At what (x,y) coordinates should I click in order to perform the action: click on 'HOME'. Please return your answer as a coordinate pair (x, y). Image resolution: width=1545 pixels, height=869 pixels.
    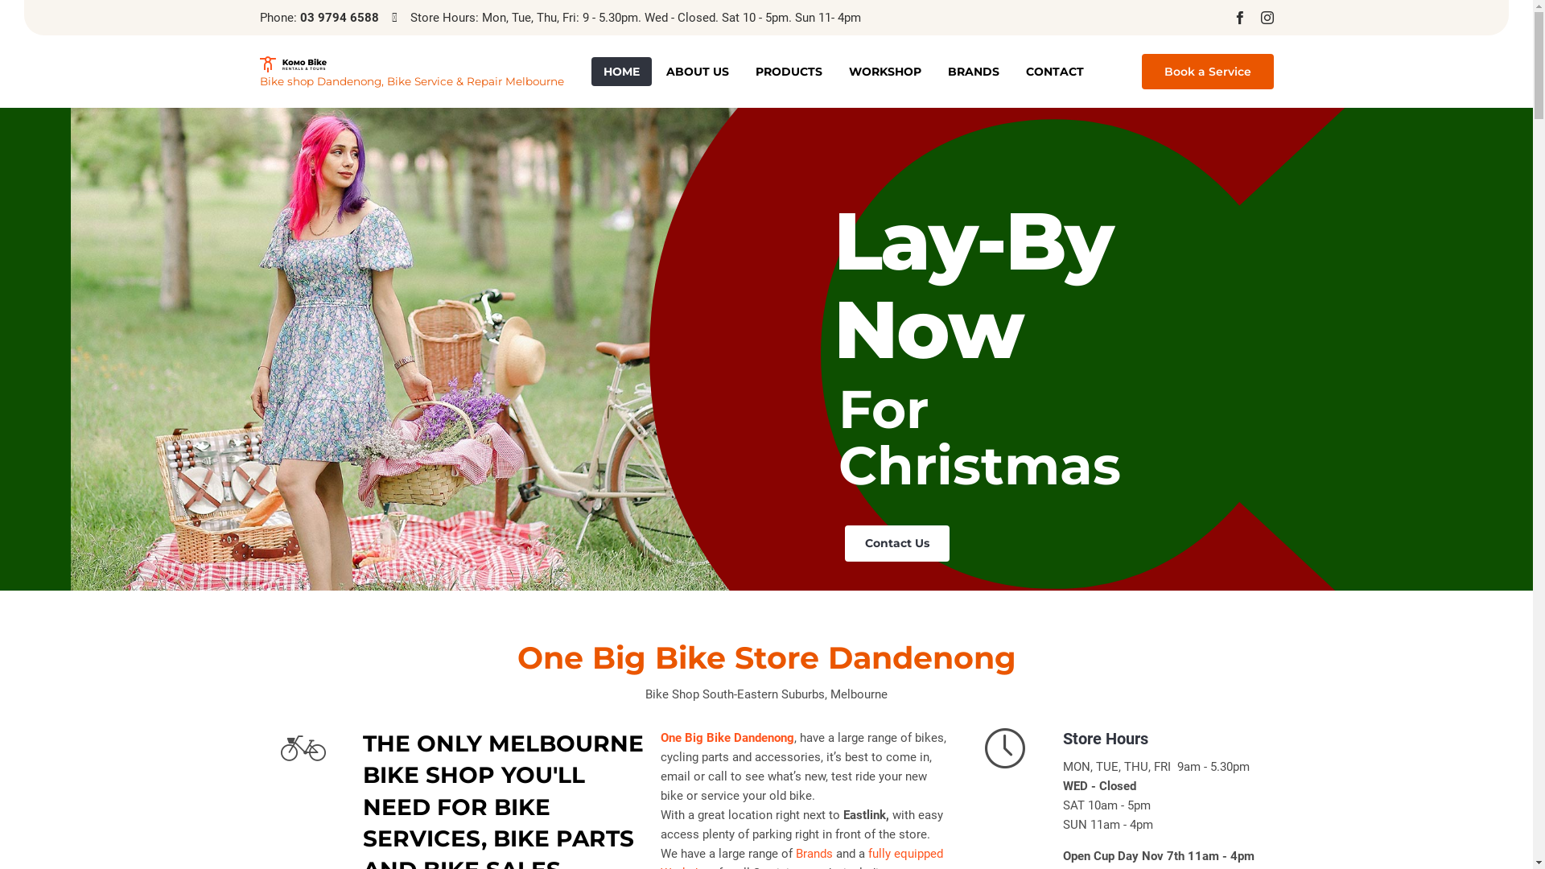
    Looking at the image, I should click on (620, 70).